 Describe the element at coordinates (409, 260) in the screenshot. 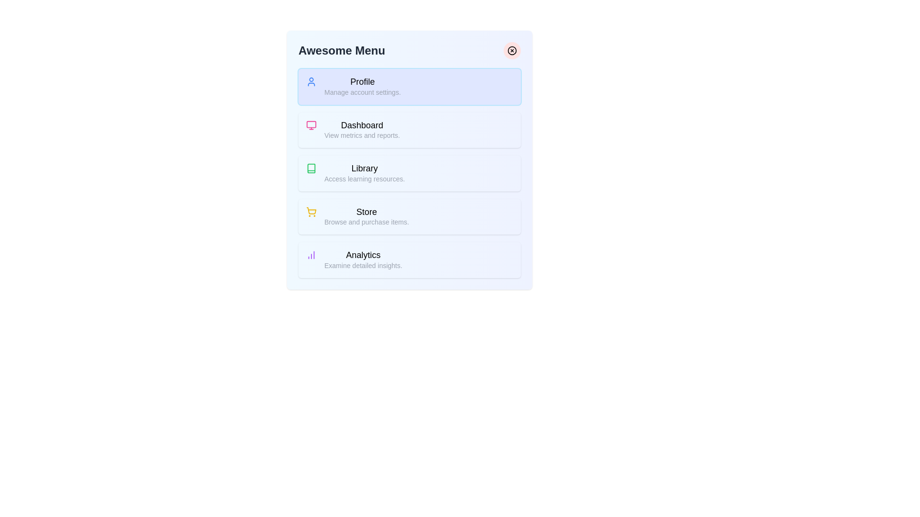

I see `the menu item labeled Analytics` at that location.